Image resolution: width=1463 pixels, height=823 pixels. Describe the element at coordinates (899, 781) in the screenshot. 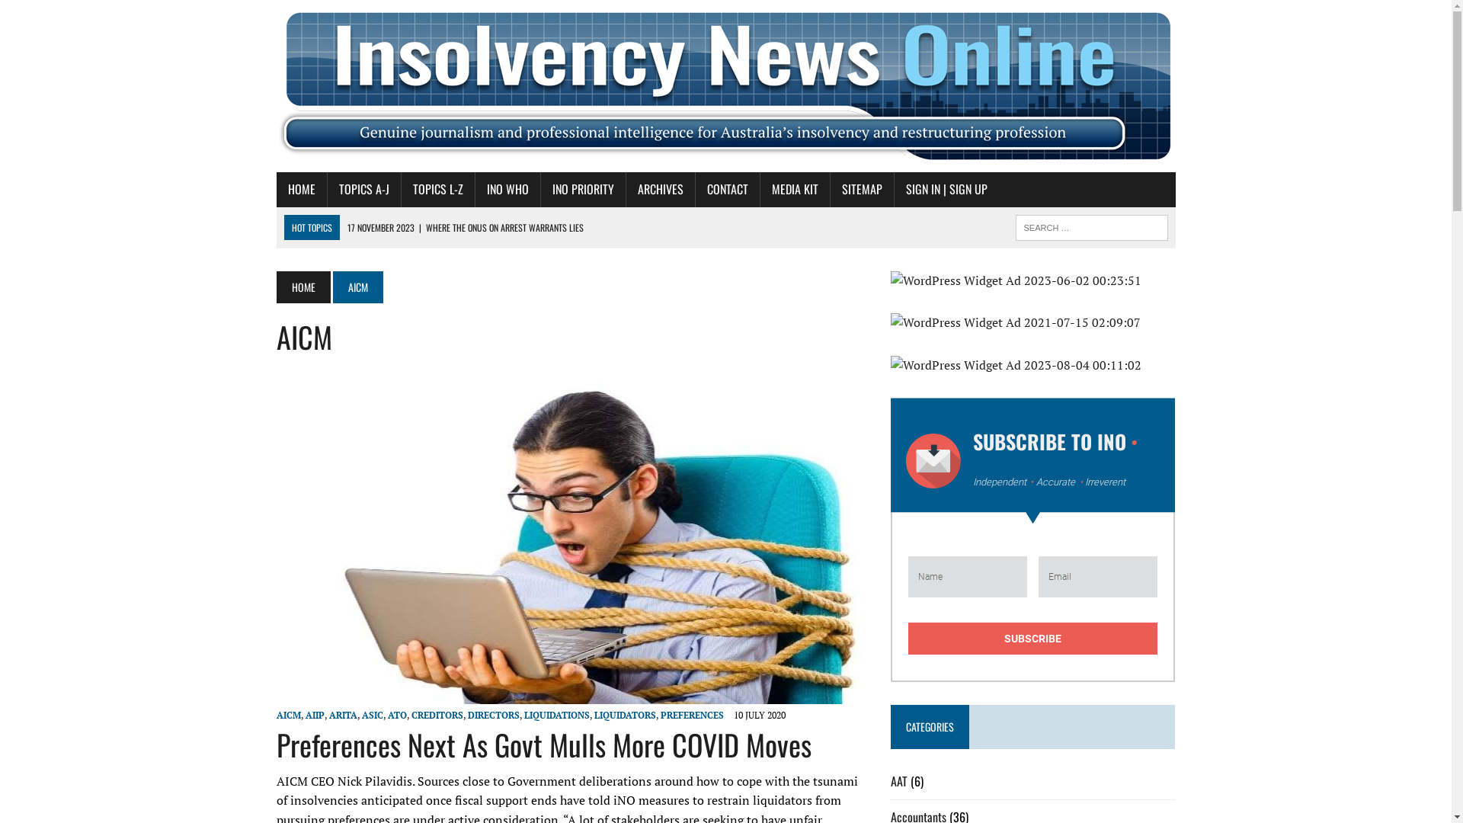

I see `'AAT'` at that location.